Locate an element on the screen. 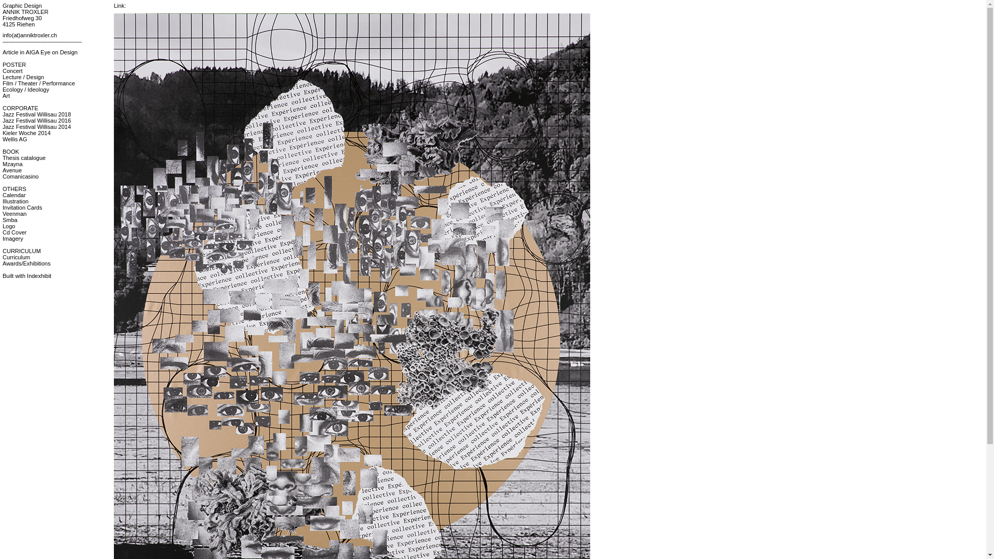 The width and height of the screenshot is (994, 559). 'Invitation Cards' is located at coordinates (22, 208).